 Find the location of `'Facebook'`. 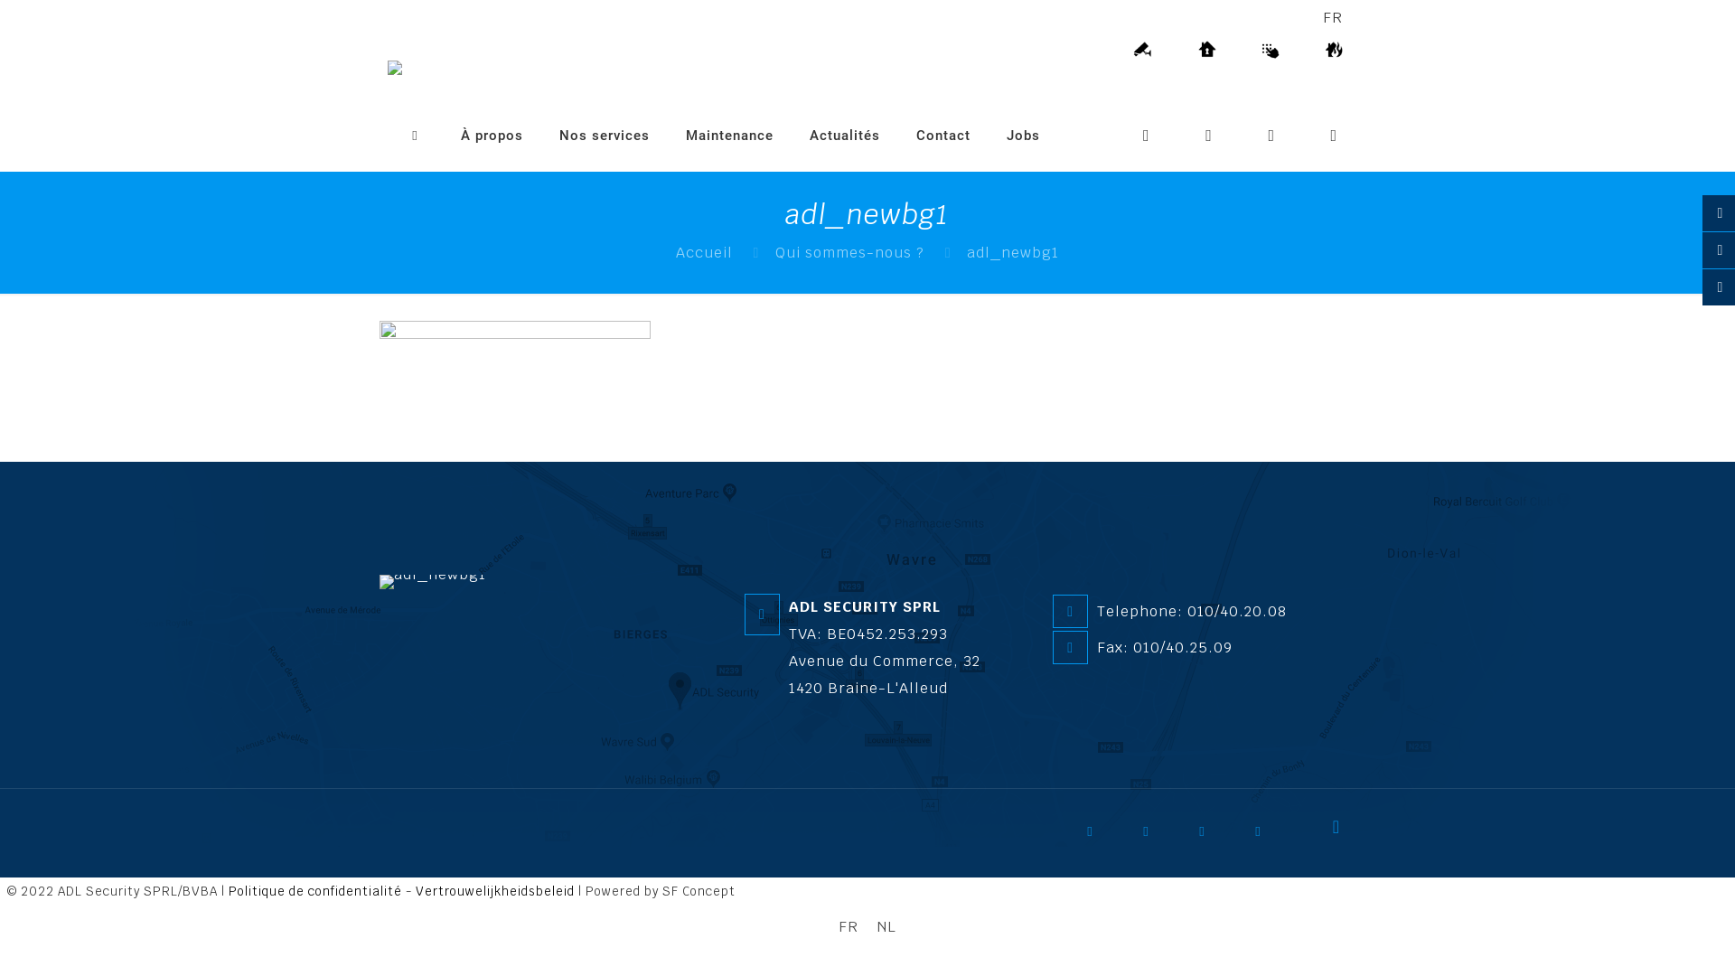

'Facebook' is located at coordinates (1101, 837).